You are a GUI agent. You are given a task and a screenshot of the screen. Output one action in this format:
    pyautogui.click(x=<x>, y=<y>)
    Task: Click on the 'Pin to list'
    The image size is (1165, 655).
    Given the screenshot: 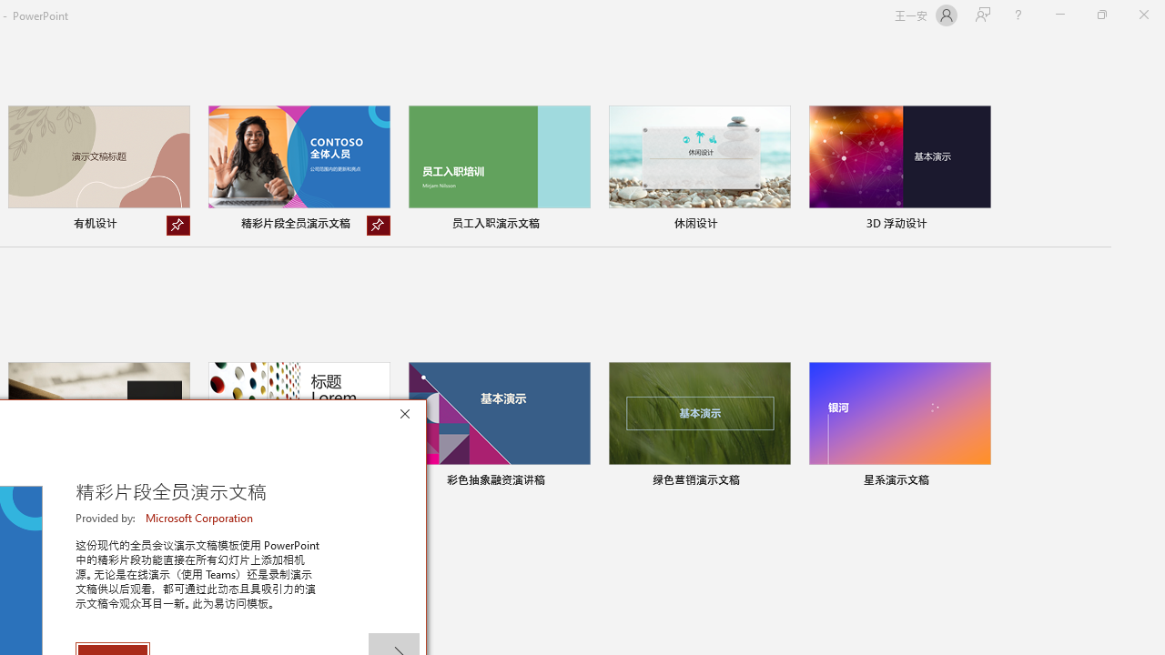 What is the action you would take?
    pyautogui.click(x=978, y=480)
    